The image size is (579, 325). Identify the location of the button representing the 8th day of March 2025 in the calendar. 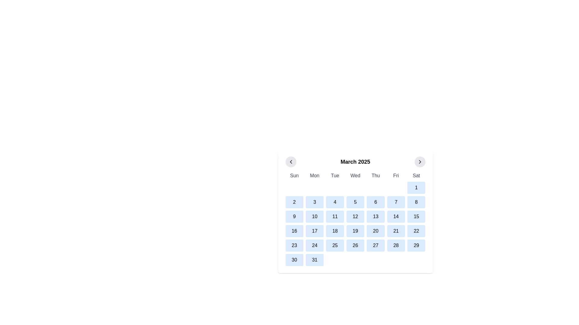
(416, 202).